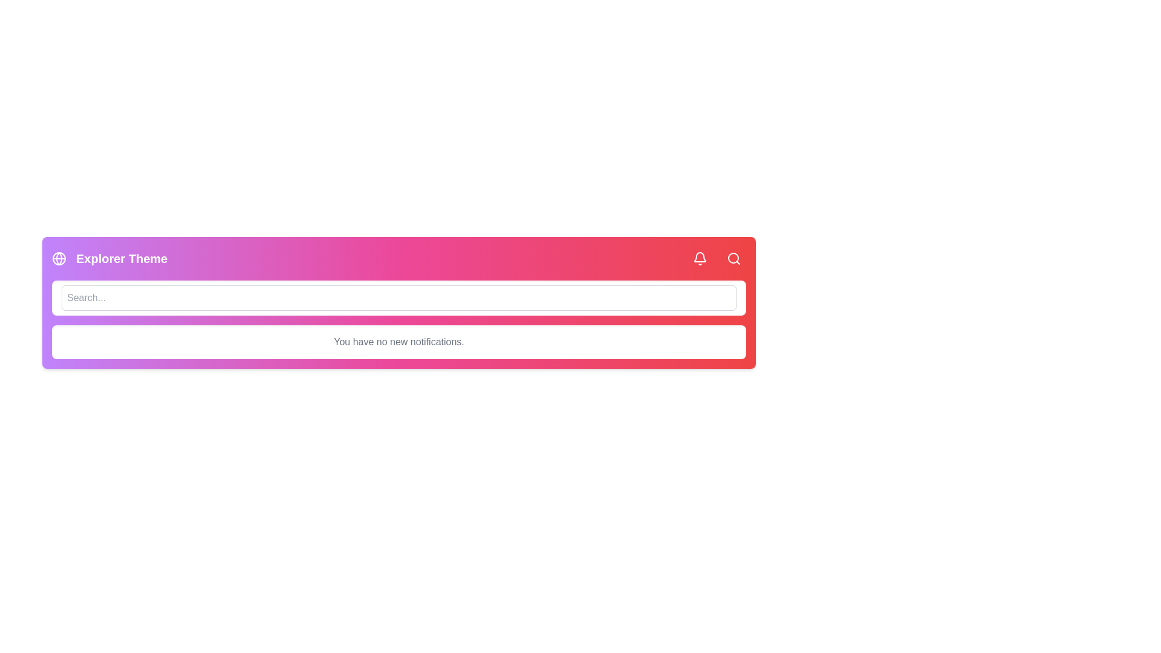 This screenshot has height=653, width=1161. What do you see at coordinates (700, 258) in the screenshot?
I see `the notification button located in the top-right area of the navigation bar` at bounding box center [700, 258].